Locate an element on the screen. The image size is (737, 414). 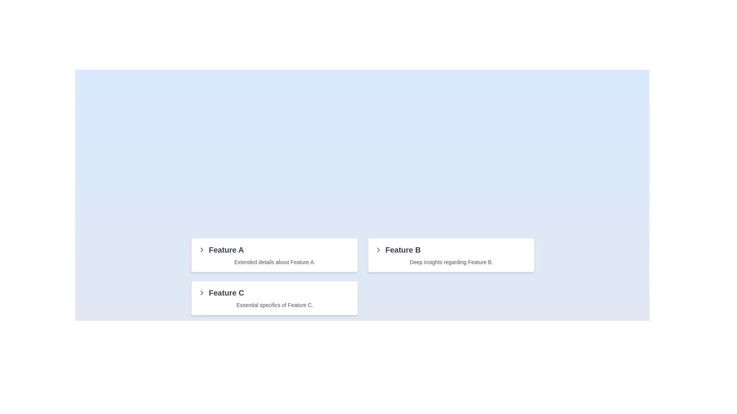
the small right-facing chevron icon located is located at coordinates (378, 250).